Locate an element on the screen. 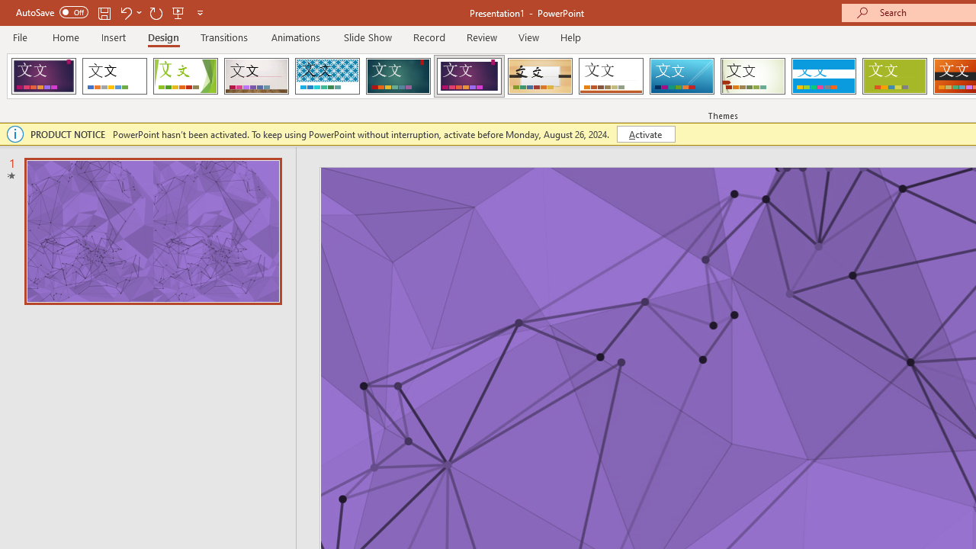 The image size is (976, 549). 'Facet' is located at coordinates (185, 76).